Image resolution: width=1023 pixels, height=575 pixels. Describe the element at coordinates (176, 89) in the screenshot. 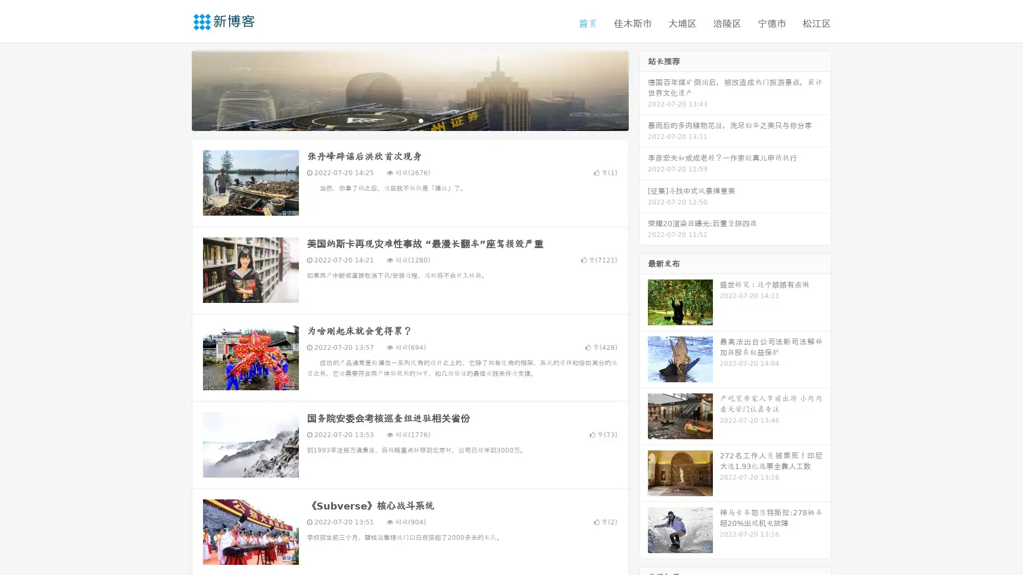

I see `Previous slide` at that location.